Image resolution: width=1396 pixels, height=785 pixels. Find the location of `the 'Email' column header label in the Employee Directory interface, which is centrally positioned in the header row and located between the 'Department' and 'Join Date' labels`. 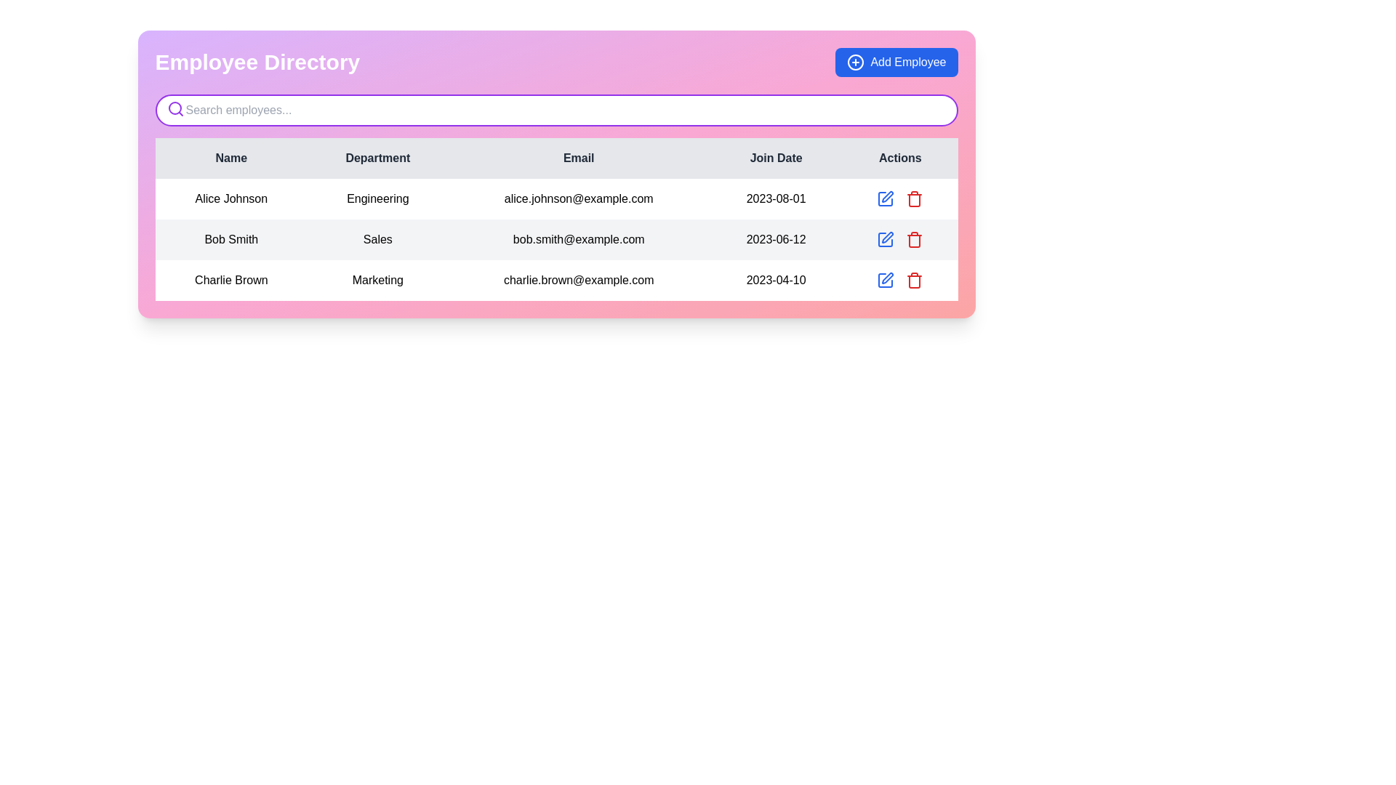

the 'Email' column header label in the Employee Directory interface, which is centrally positioned in the header row and located between the 'Department' and 'Join Date' labels is located at coordinates (578, 158).